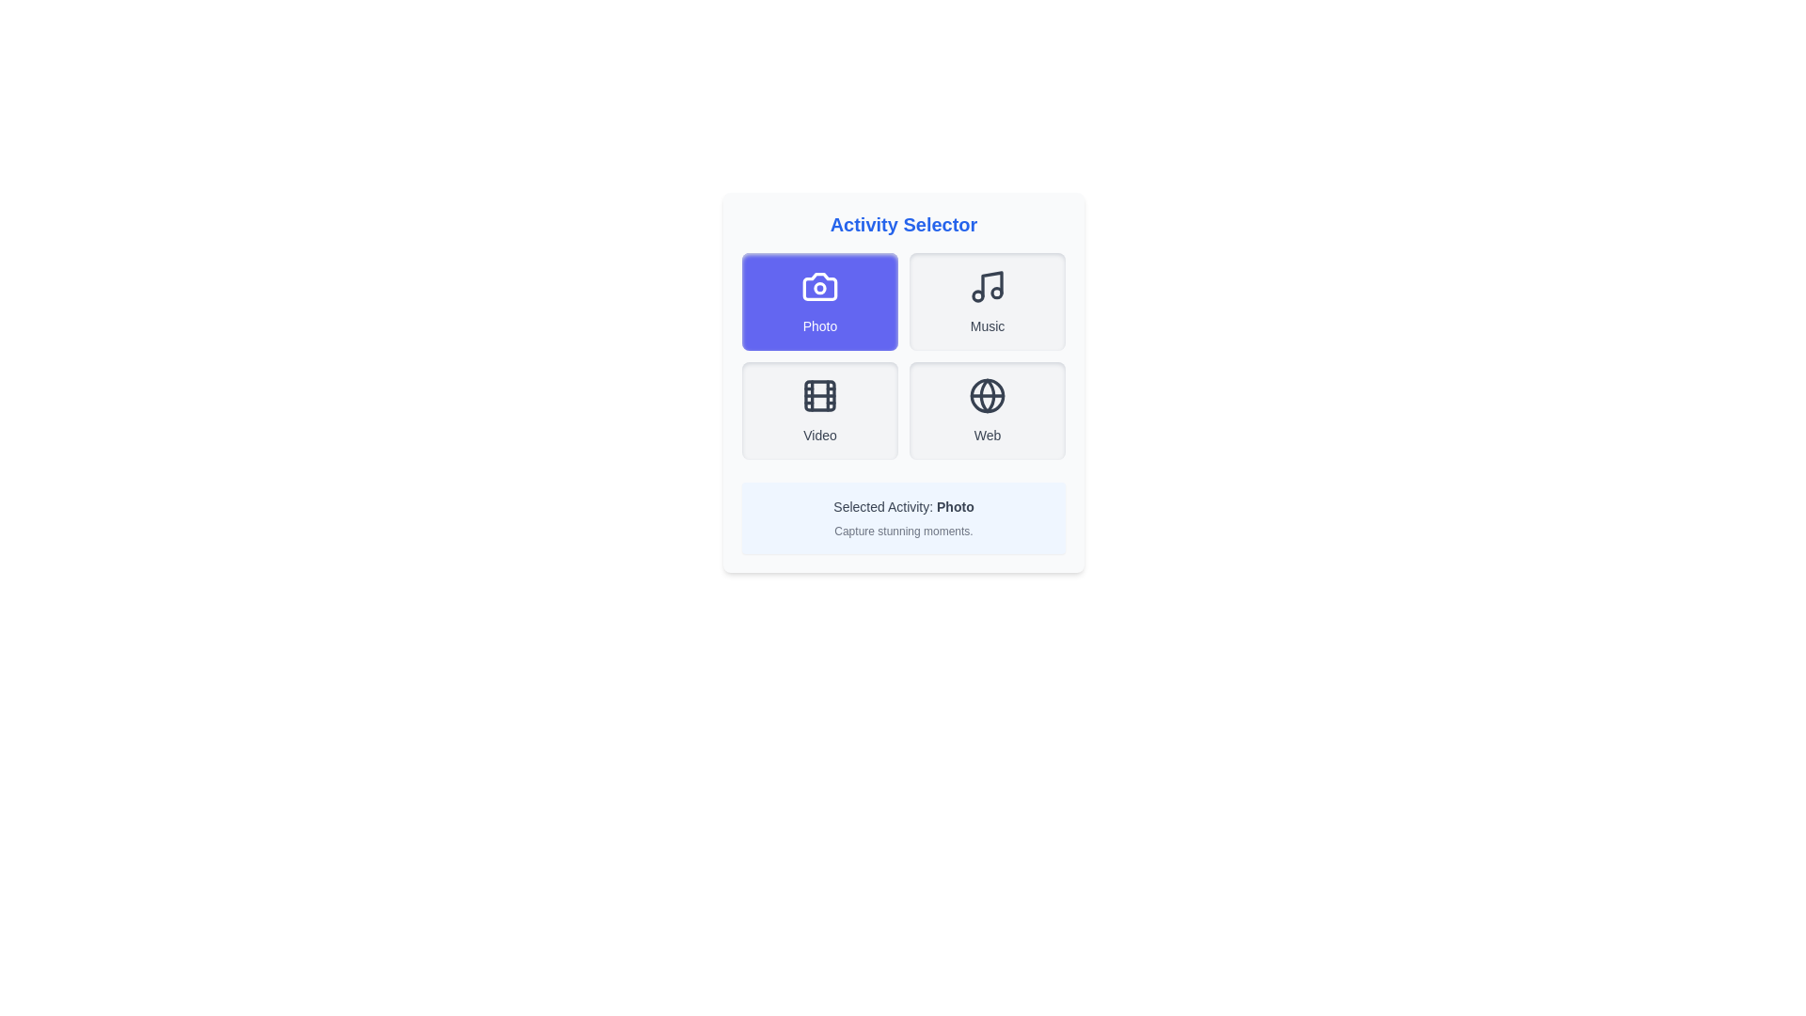 The width and height of the screenshot is (1806, 1016). I want to click on the static text label indicating the currently selected activity as 'Photo', which is positioned centrally at the bottom of the 'Activity Selector' box, following 'Selected Activity:', so click(955, 506).